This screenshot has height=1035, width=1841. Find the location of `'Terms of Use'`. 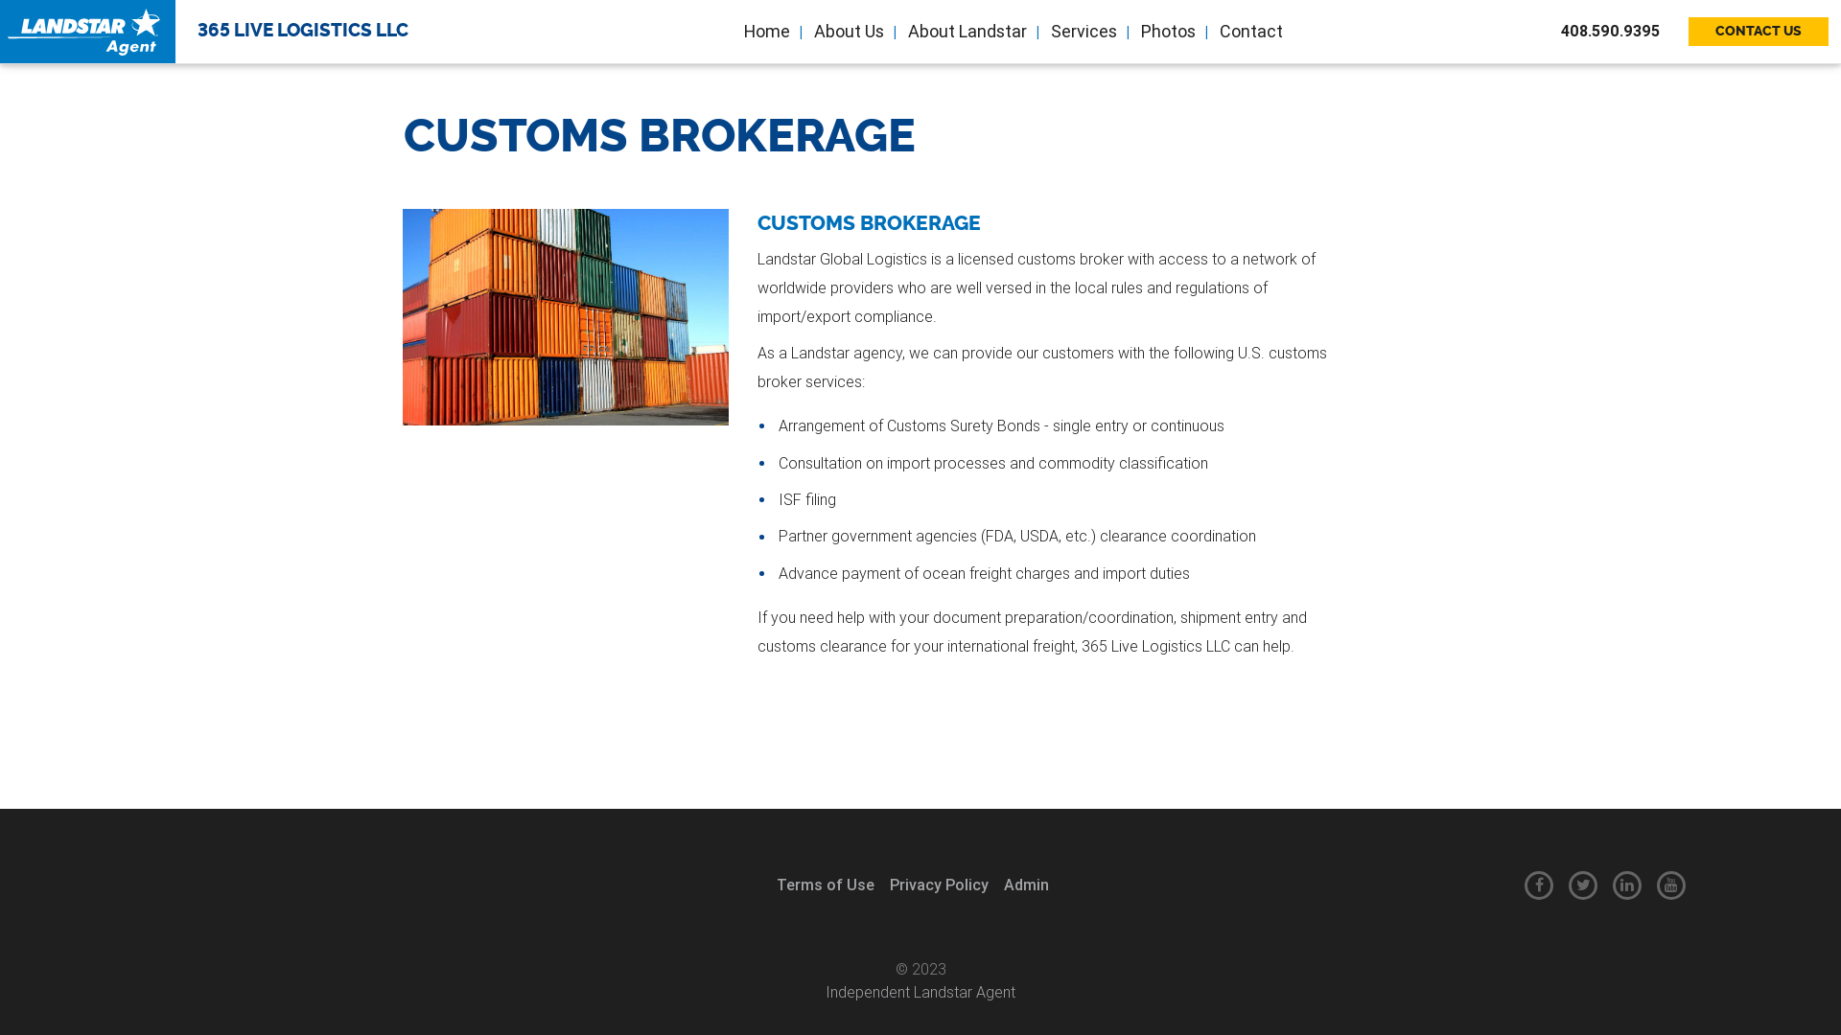

'Terms of Use' is located at coordinates (825, 885).